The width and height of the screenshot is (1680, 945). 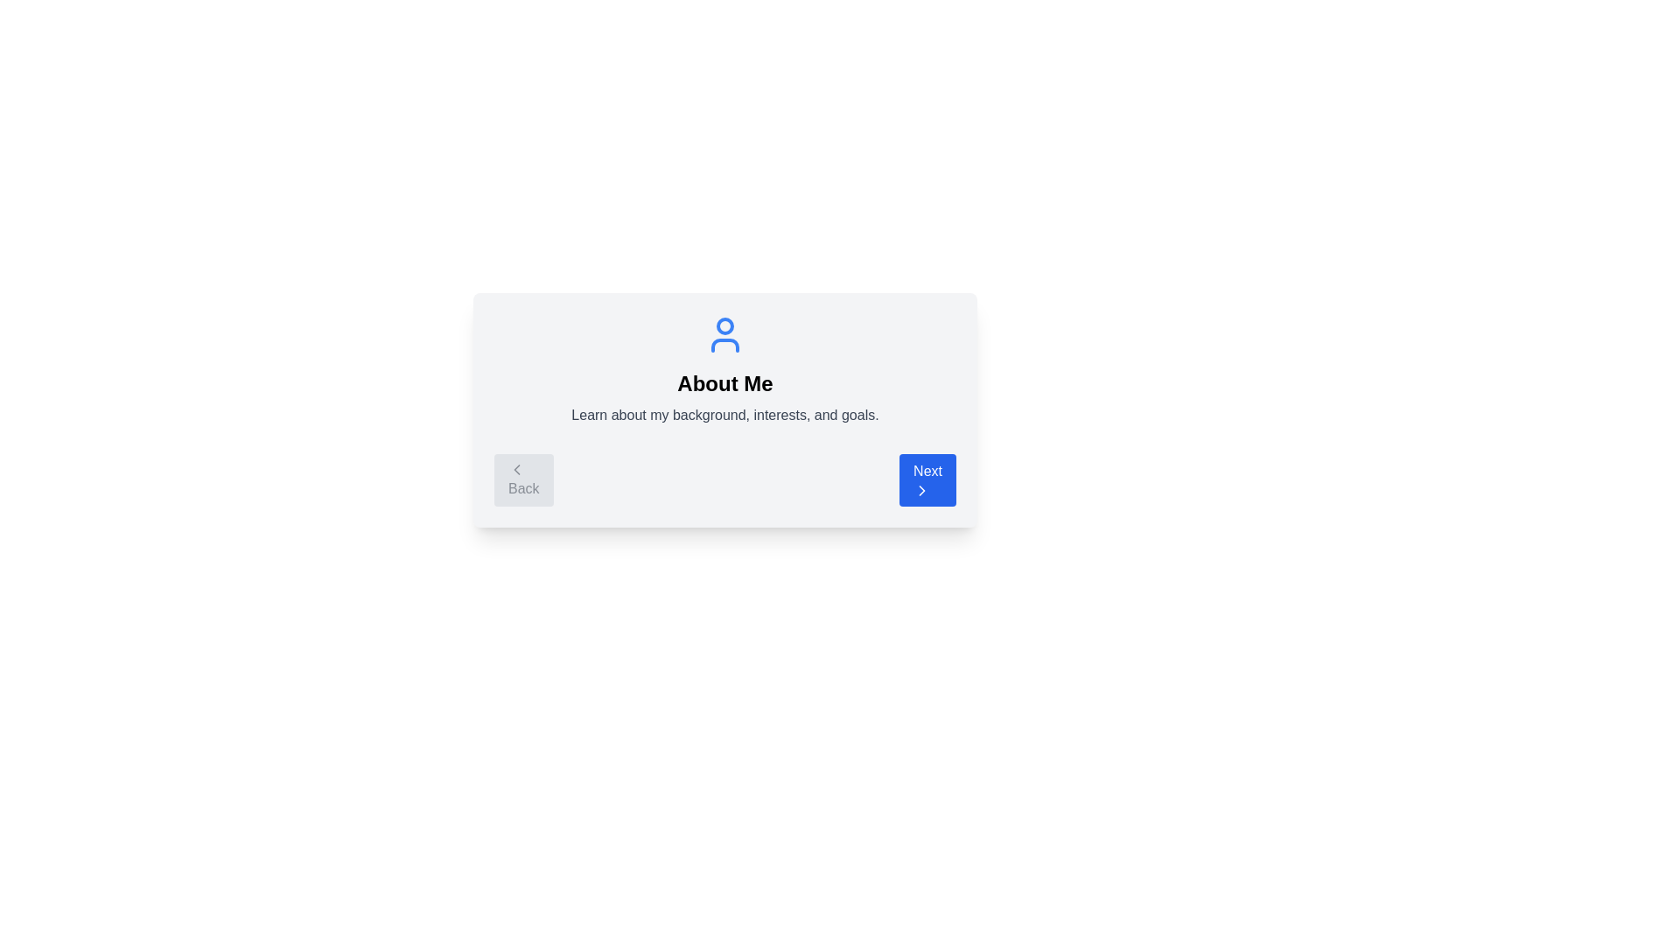 What do you see at coordinates (515, 468) in the screenshot?
I see `the chevron icon inside the 'Back' button located at the bottom-left corner of the visible card, which indicates a 'backward' action` at bounding box center [515, 468].